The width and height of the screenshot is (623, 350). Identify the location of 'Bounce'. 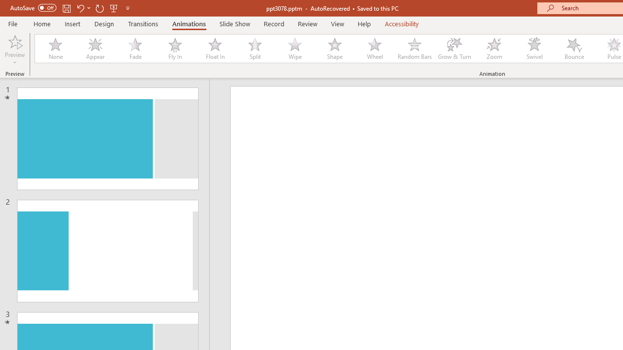
(574, 49).